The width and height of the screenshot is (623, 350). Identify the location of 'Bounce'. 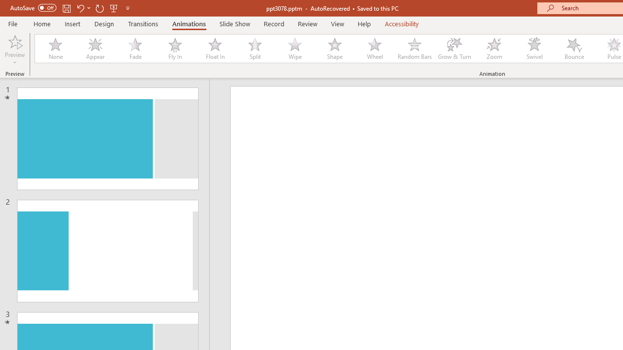
(574, 49).